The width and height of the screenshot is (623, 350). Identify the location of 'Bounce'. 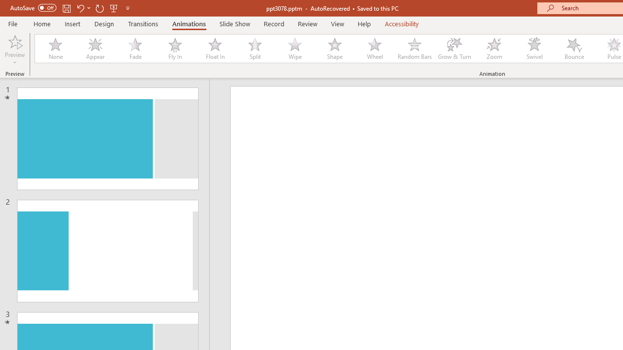
(574, 49).